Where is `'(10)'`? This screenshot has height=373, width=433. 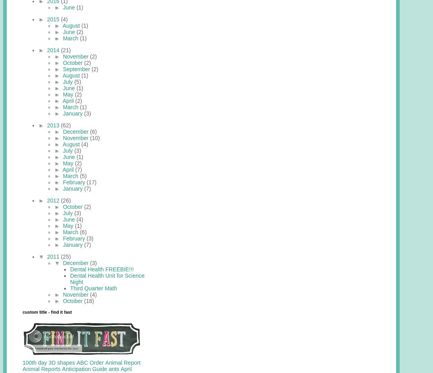 '(10)' is located at coordinates (95, 137).